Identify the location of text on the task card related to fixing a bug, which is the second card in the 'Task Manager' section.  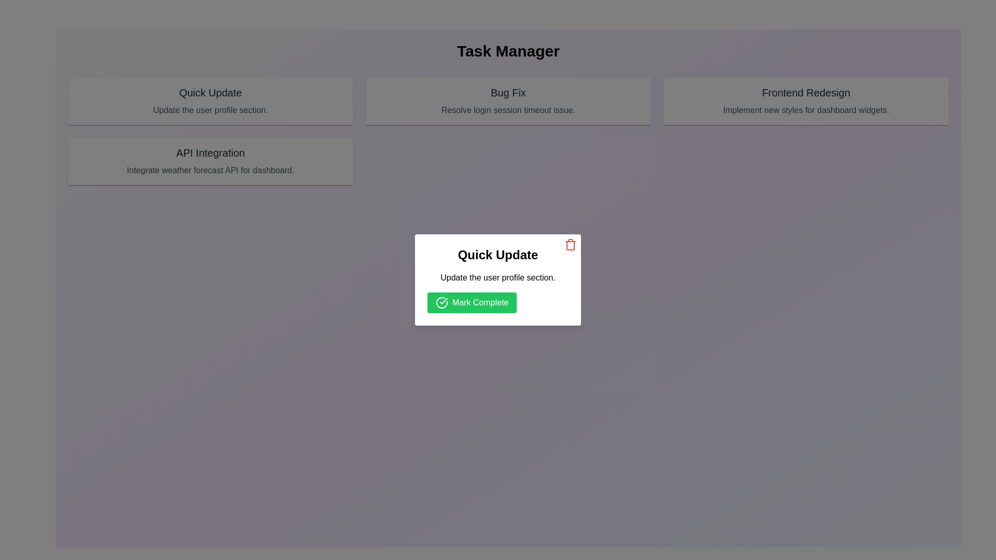
(502, 94).